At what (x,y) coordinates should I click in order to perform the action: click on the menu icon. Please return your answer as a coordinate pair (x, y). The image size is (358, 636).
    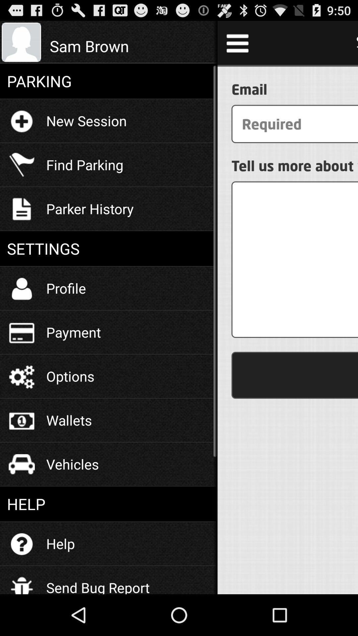
    Looking at the image, I should click on (237, 45).